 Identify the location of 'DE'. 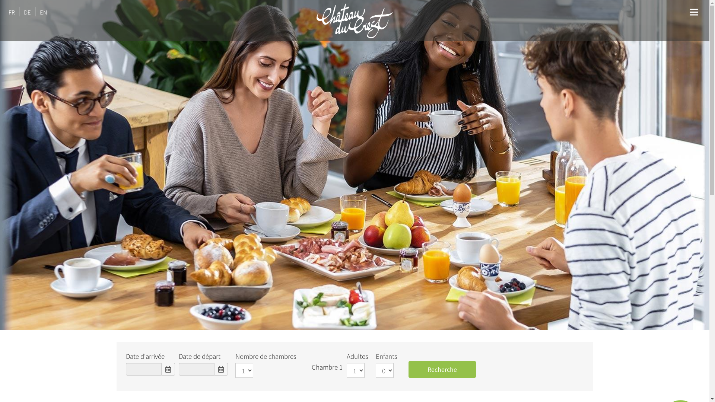
(28, 12).